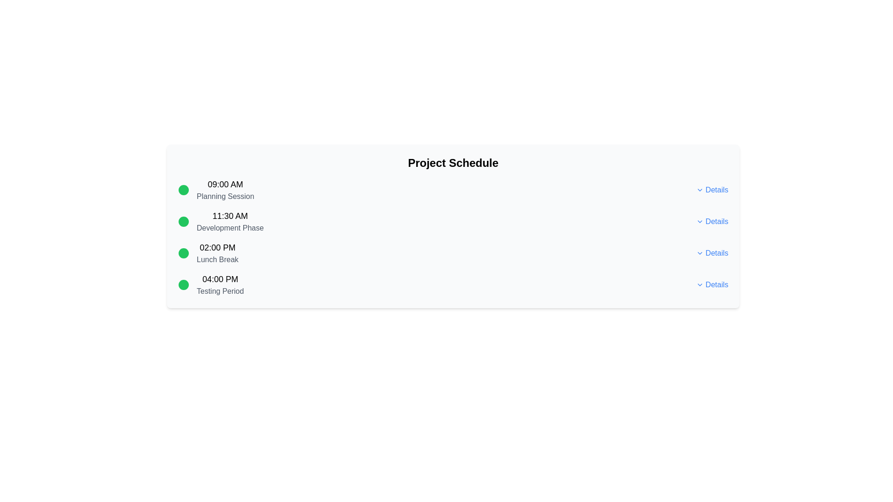 The width and height of the screenshot is (893, 502). Describe the element at coordinates (712, 253) in the screenshot. I see `the 'Details' text in blue located in the rightmost section of the row for '02:00 PM Lunch Break'` at that location.